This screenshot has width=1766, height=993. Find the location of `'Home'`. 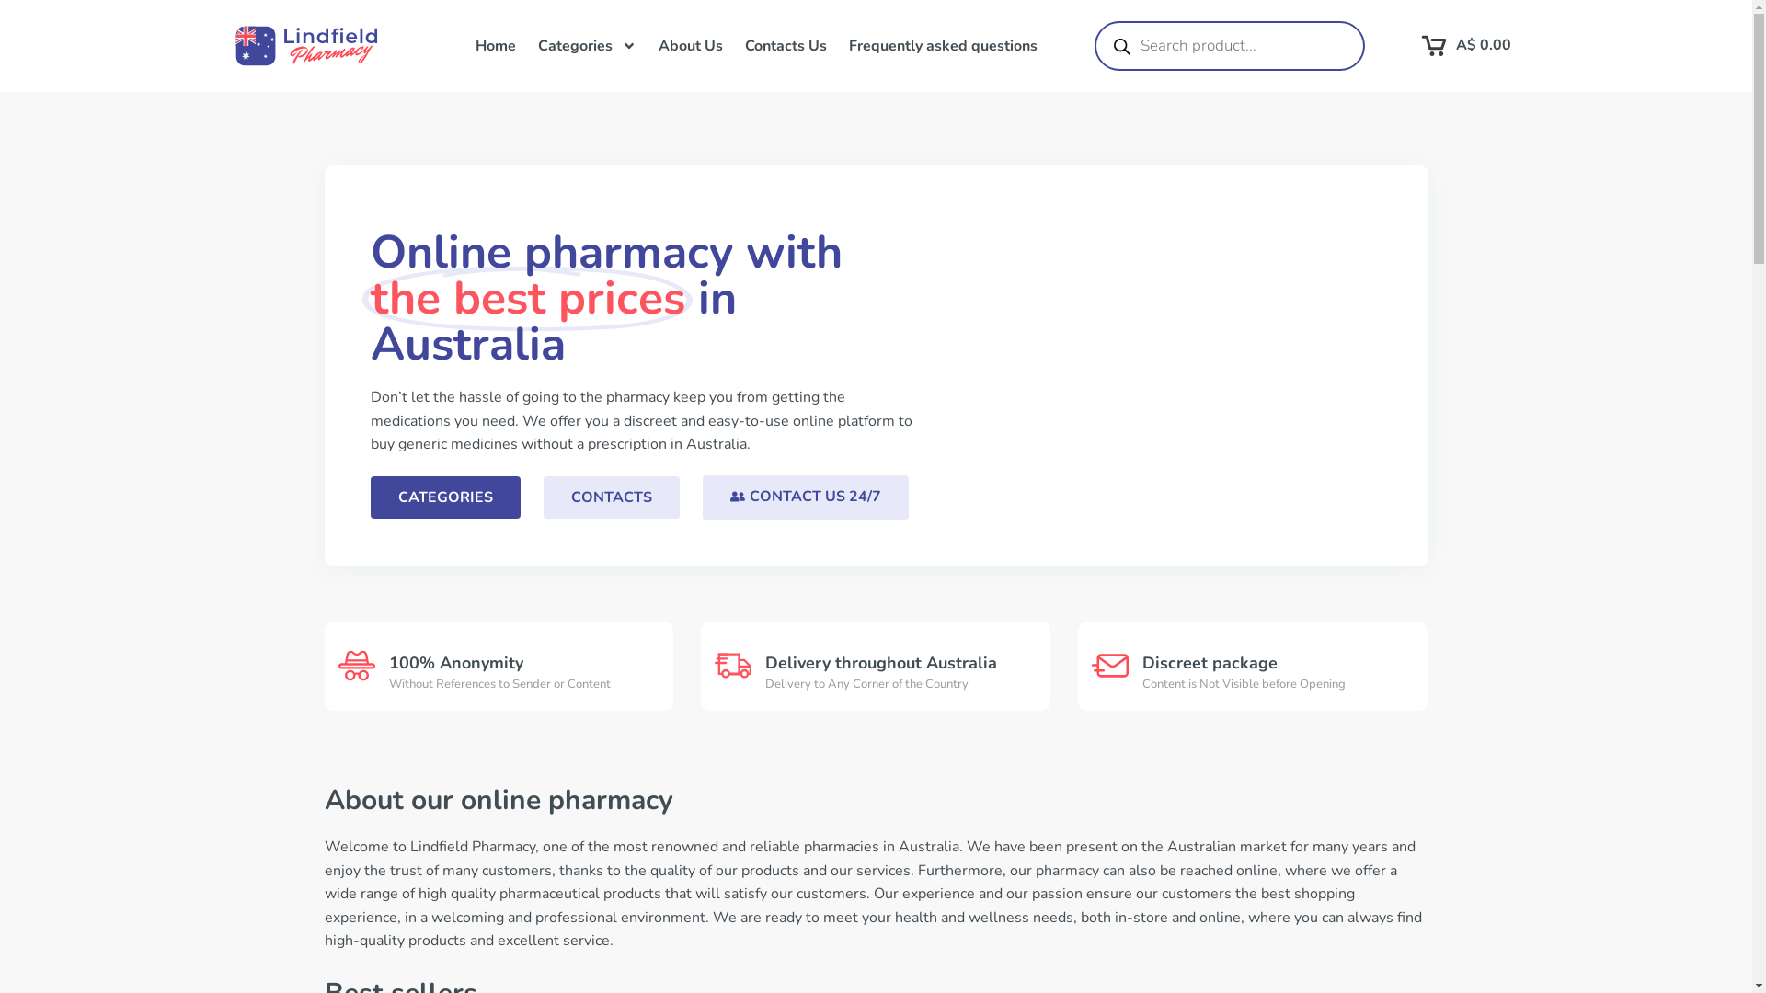

'Home' is located at coordinates (464, 45).